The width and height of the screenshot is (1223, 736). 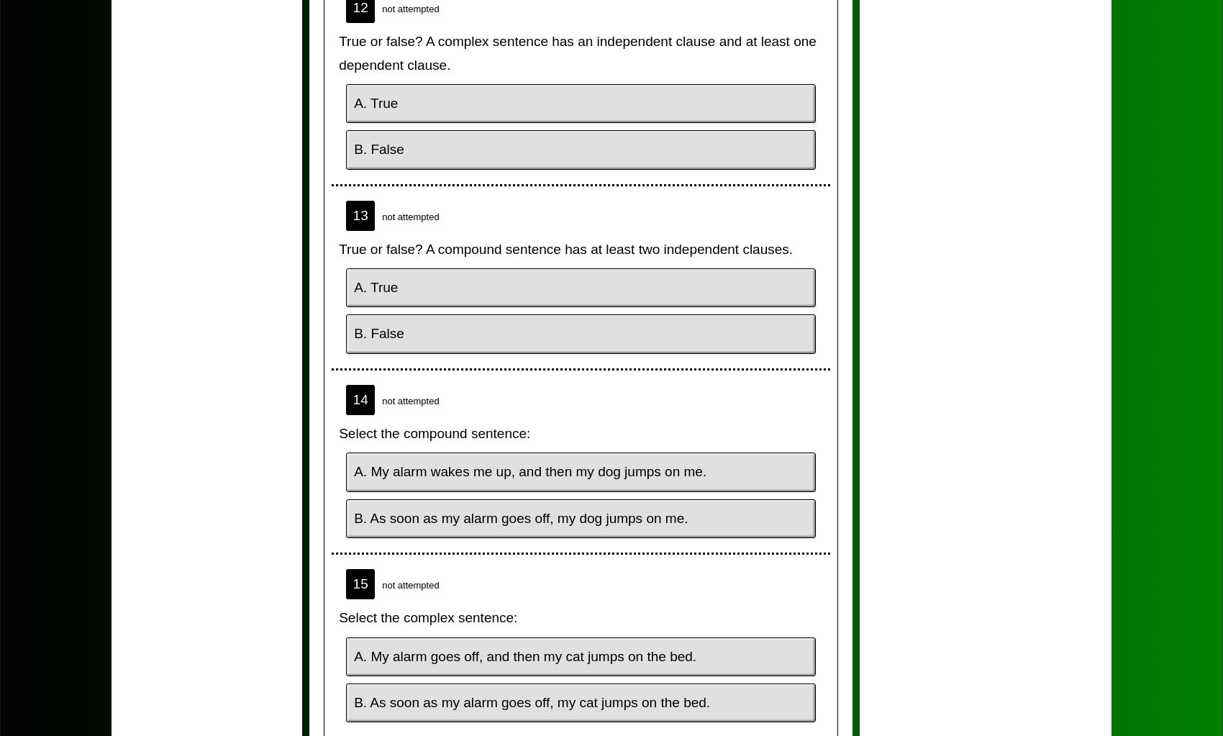 What do you see at coordinates (524, 655) in the screenshot?
I see `'A. My alarm goes off, and then my cat jumps on the bed.'` at bounding box center [524, 655].